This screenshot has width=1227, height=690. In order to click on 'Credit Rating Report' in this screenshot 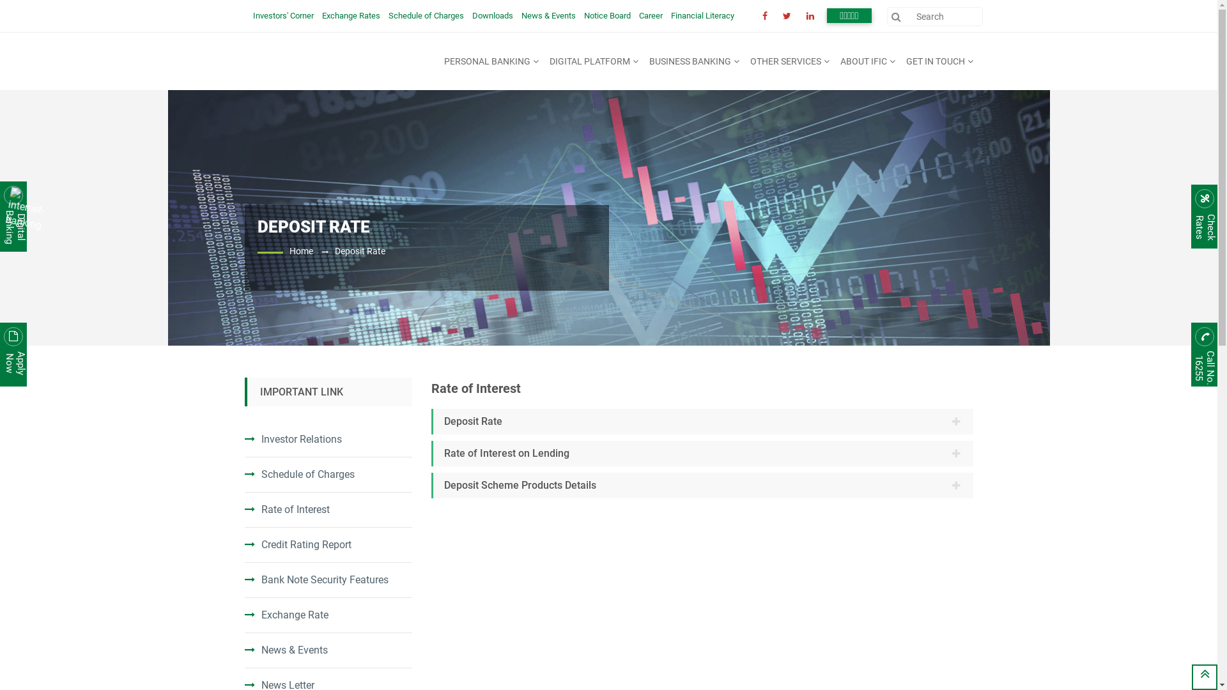, I will do `click(297, 544)`.